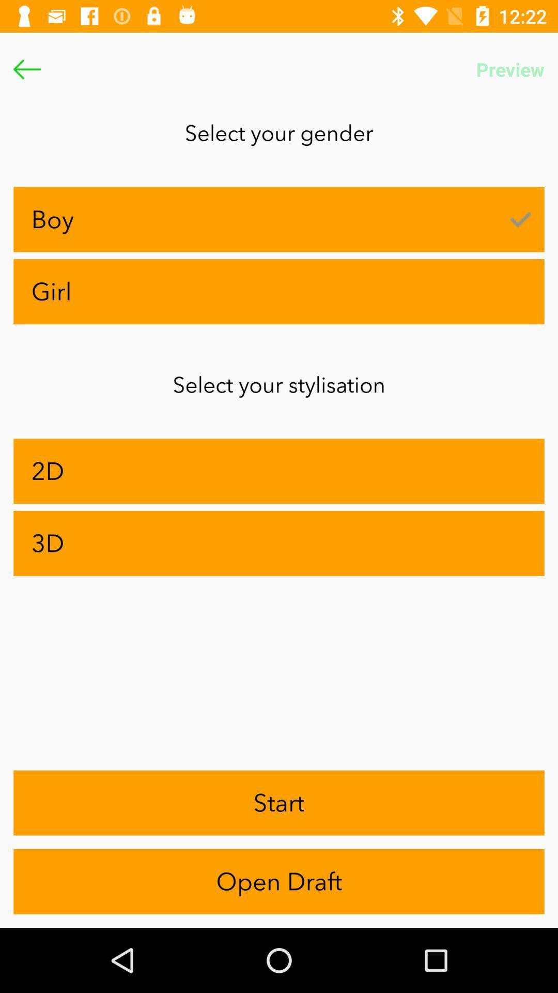 This screenshot has width=558, height=993. I want to click on boy girl gender, so click(26, 69).